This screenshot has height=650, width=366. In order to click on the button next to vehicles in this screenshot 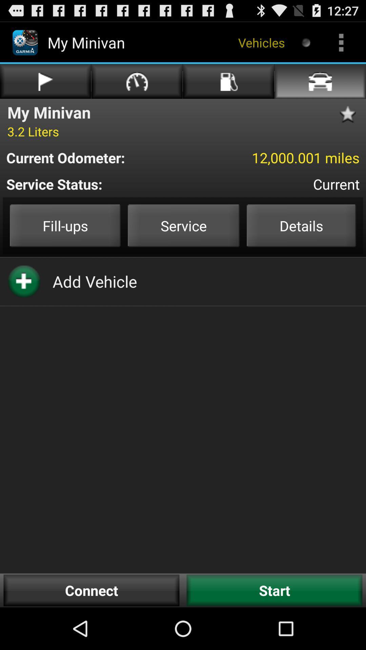, I will do `click(306, 42)`.